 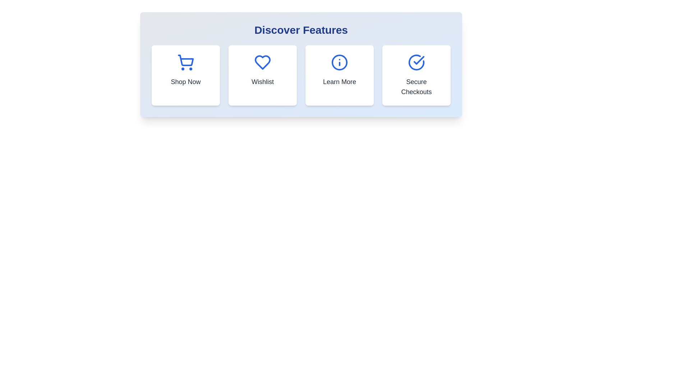 What do you see at coordinates (419, 60) in the screenshot?
I see `the checkmark icon in the 'Secure Checkouts' card, which indicates completion or verification` at bounding box center [419, 60].